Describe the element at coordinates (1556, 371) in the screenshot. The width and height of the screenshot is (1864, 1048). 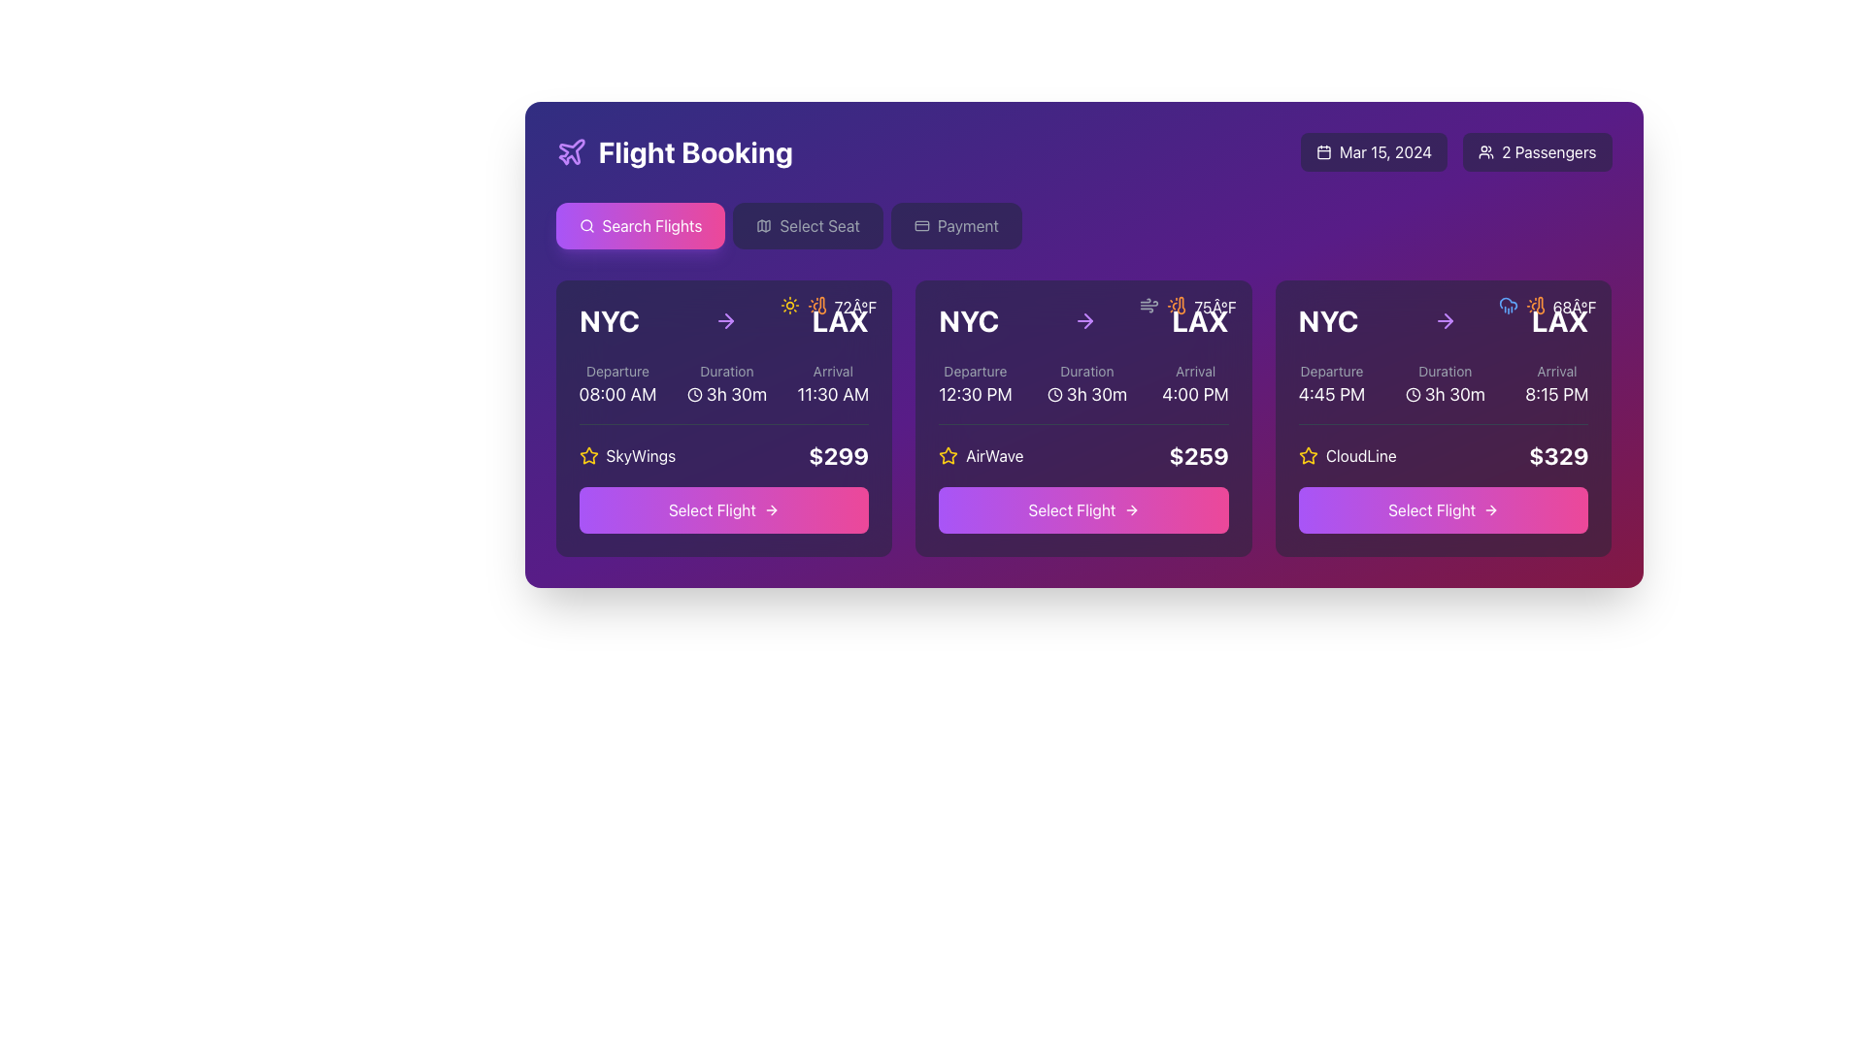
I see `the 'Arrival' text label located in the rightmost flight card, which indicates the arrival time of the flight, positioned directly above the time '8:15 PM'` at that location.